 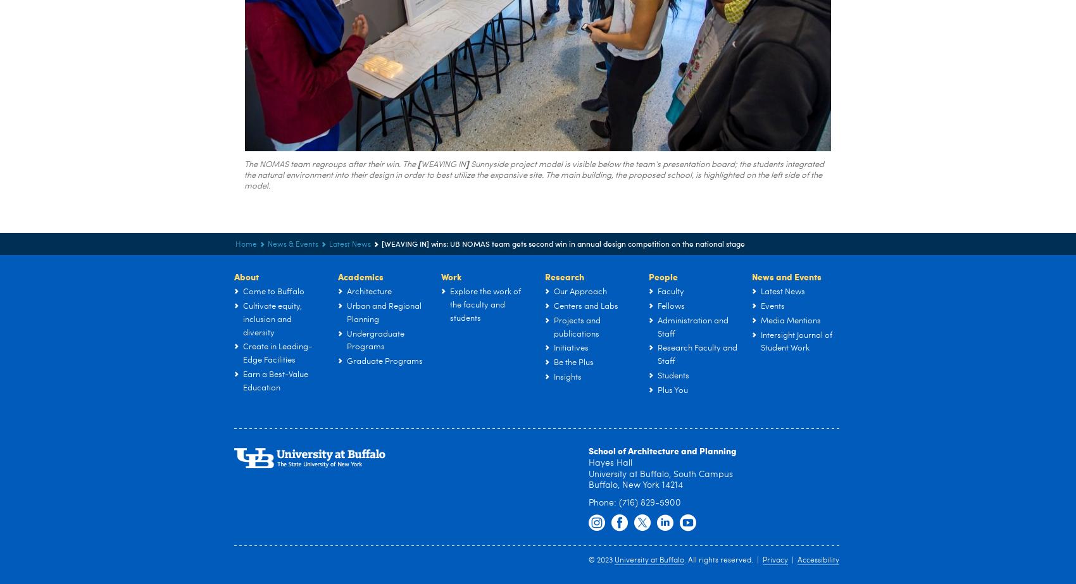 What do you see at coordinates (657, 354) in the screenshot?
I see `'Research Faculty and Staff'` at bounding box center [657, 354].